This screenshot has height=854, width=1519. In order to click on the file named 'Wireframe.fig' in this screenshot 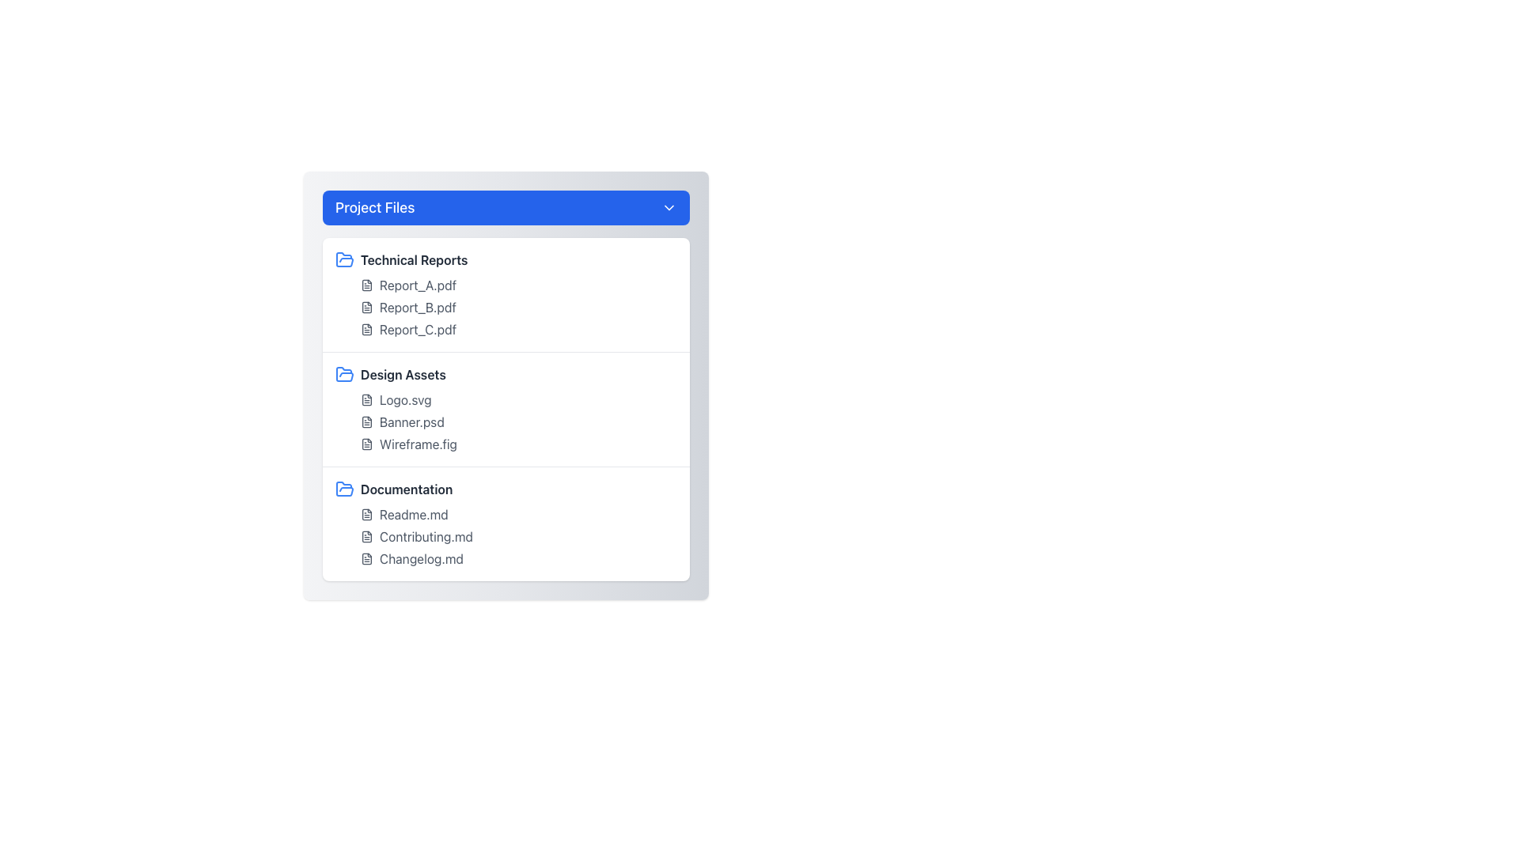, I will do `click(519, 444)`.